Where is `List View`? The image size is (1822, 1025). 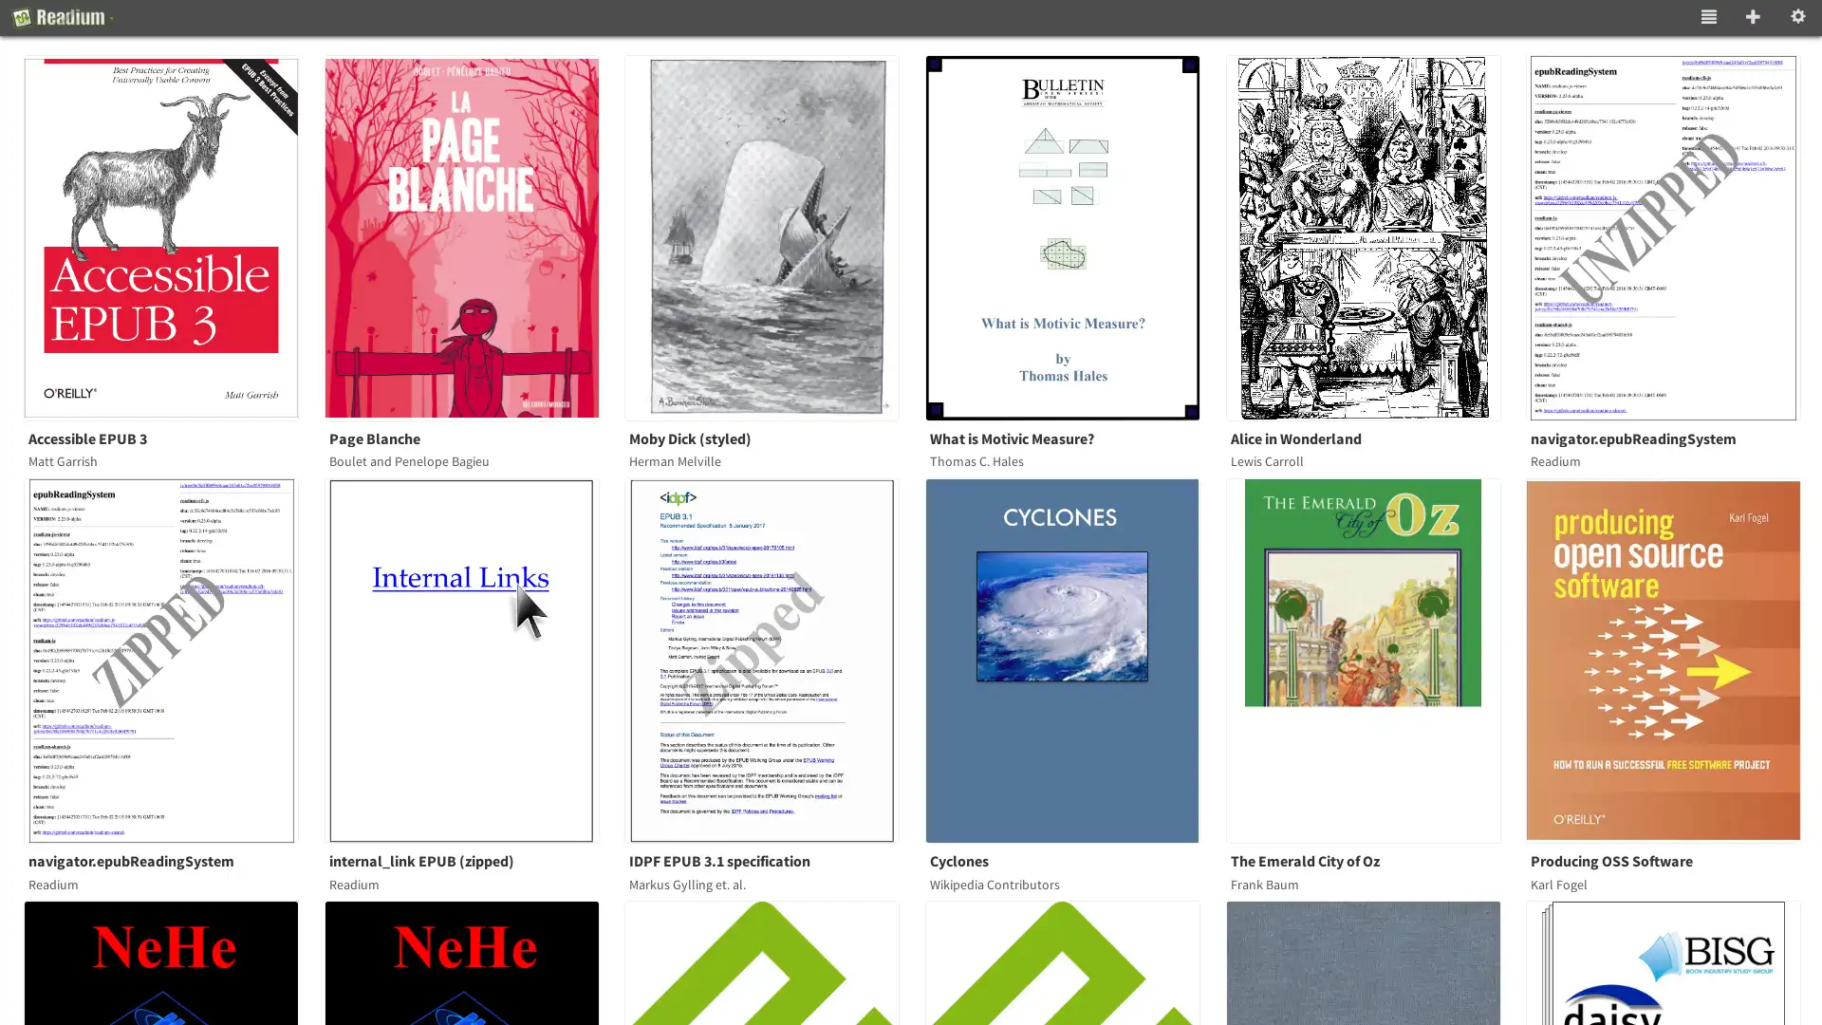 List View is located at coordinates (1708, 18).